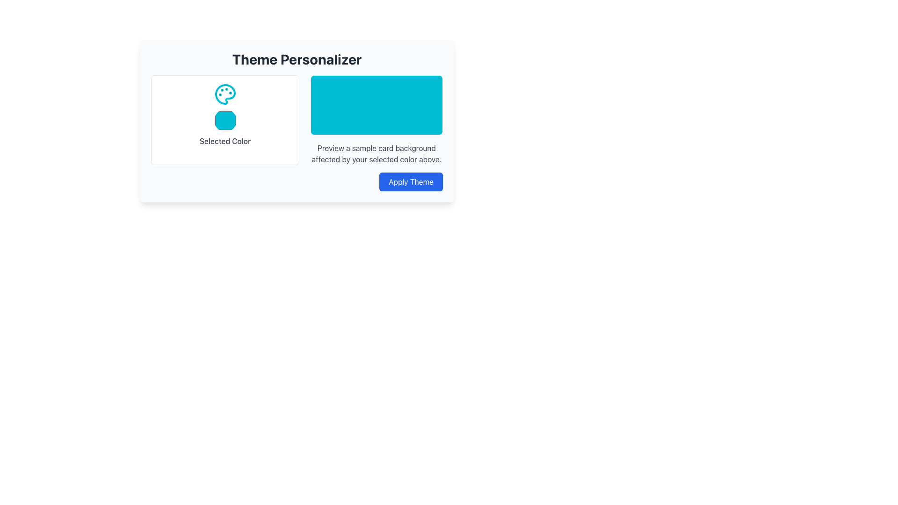 This screenshot has height=505, width=898. Describe the element at coordinates (225, 94) in the screenshot. I see `the painter's palette icon, which has a turquoise blue stroke and is positioned in the 'Selected Color' card above the color representation circle` at that location.